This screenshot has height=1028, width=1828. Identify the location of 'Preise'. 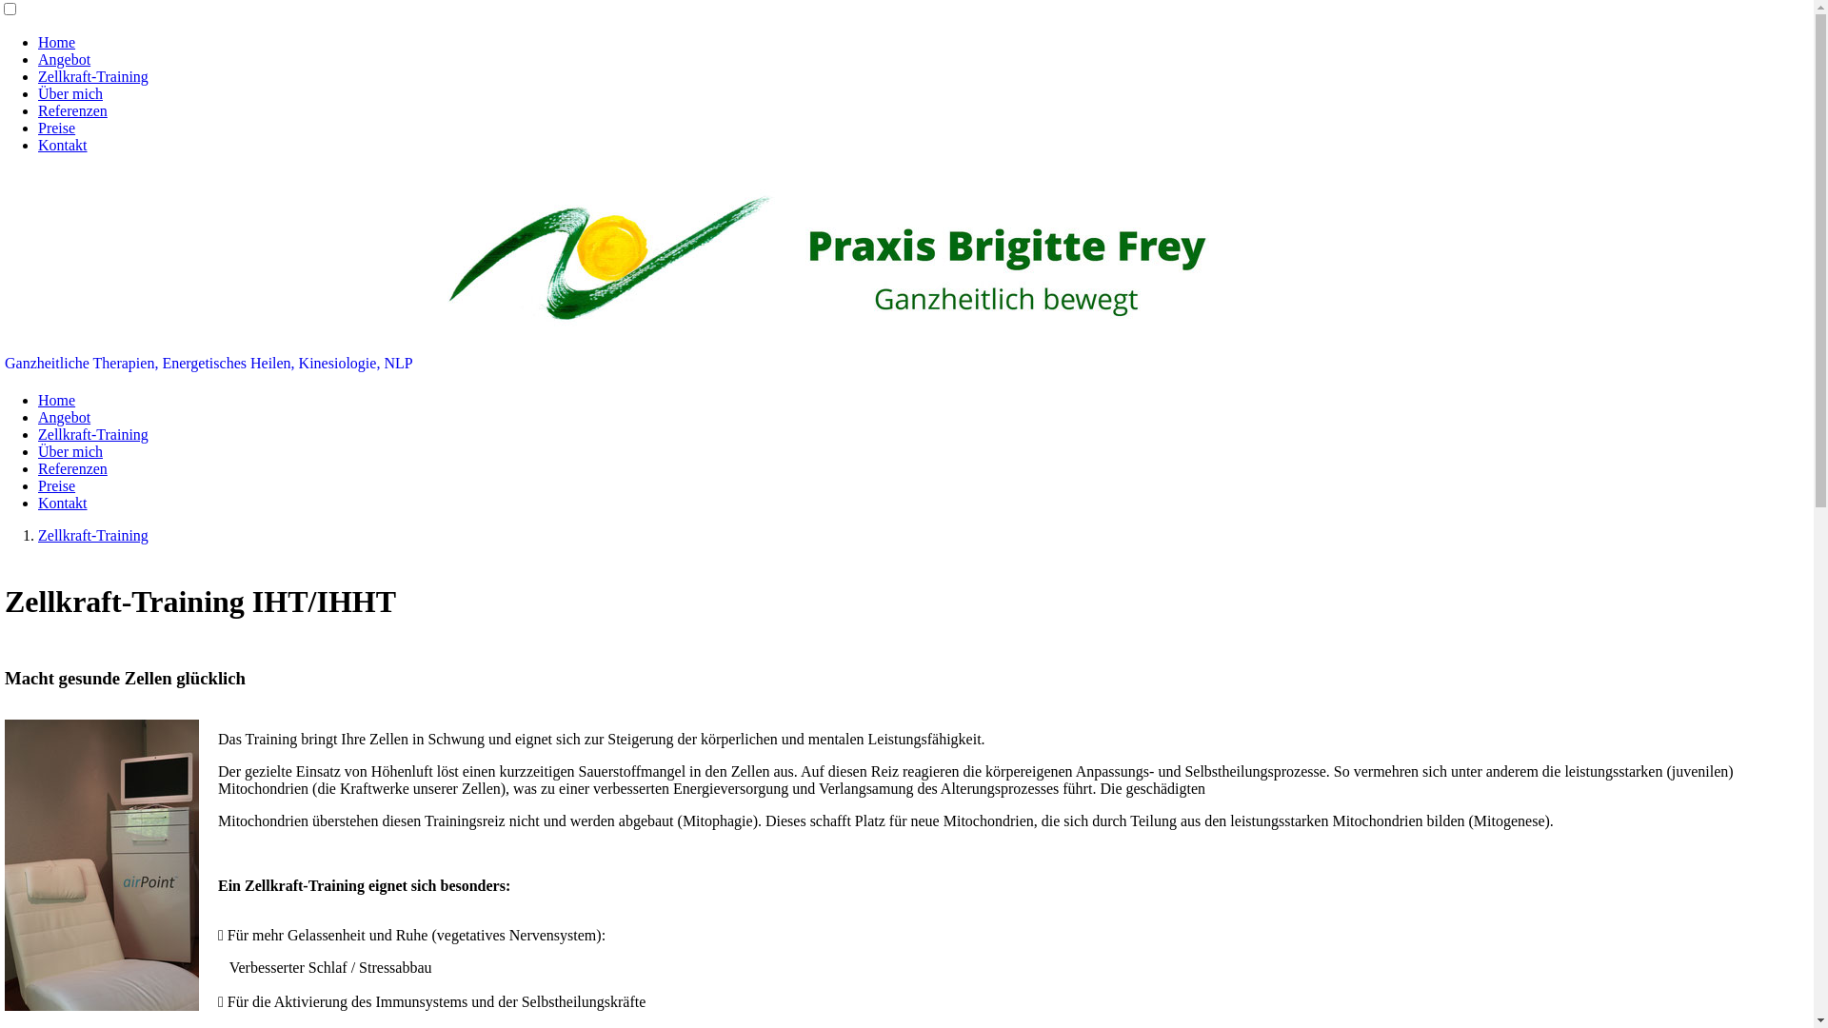
(56, 484).